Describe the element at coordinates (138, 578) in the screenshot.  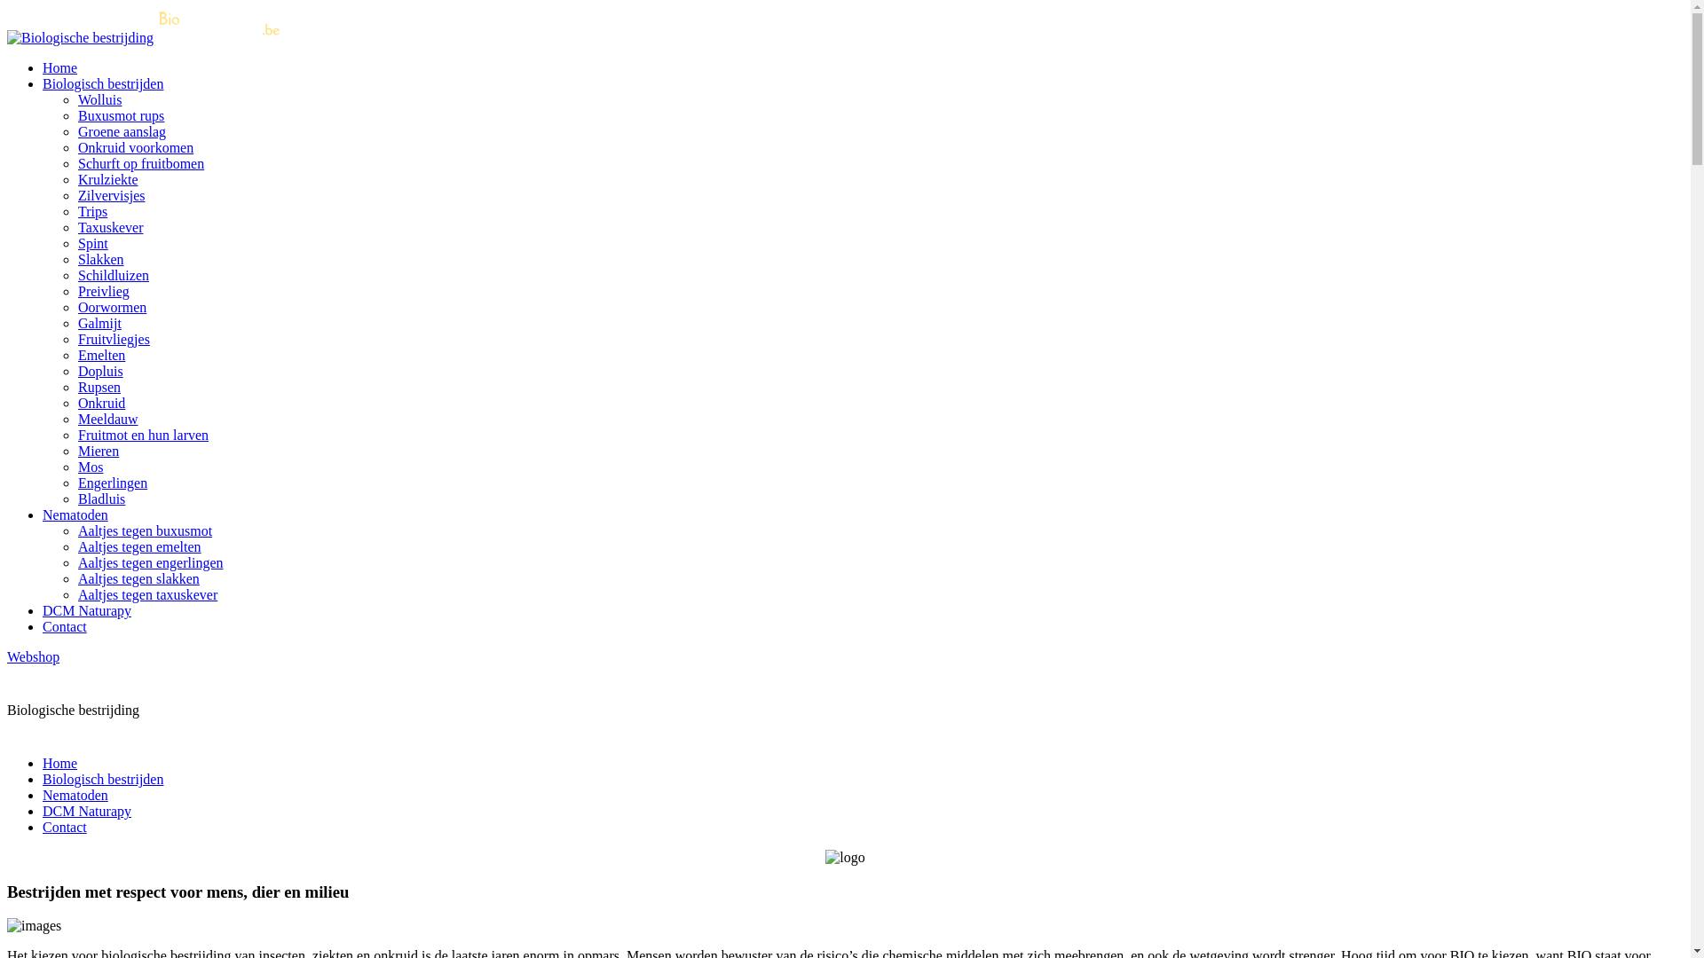
I see `'Aaltjes tegen slakken'` at that location.